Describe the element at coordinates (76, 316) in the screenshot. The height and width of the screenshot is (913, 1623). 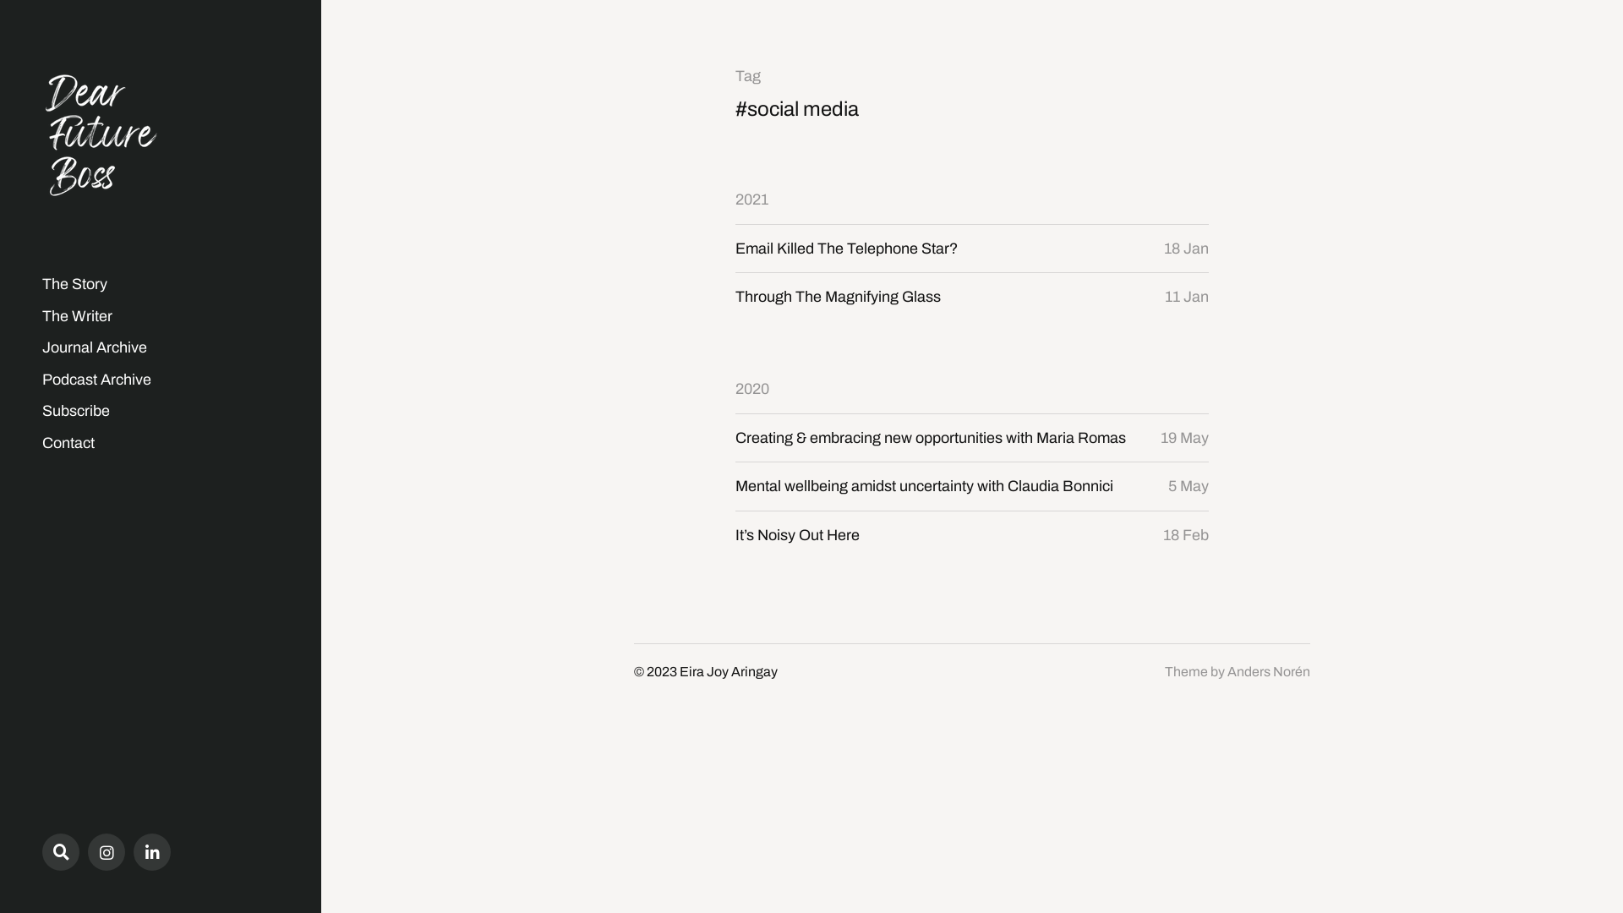
I see `'The Writer'` at that location.